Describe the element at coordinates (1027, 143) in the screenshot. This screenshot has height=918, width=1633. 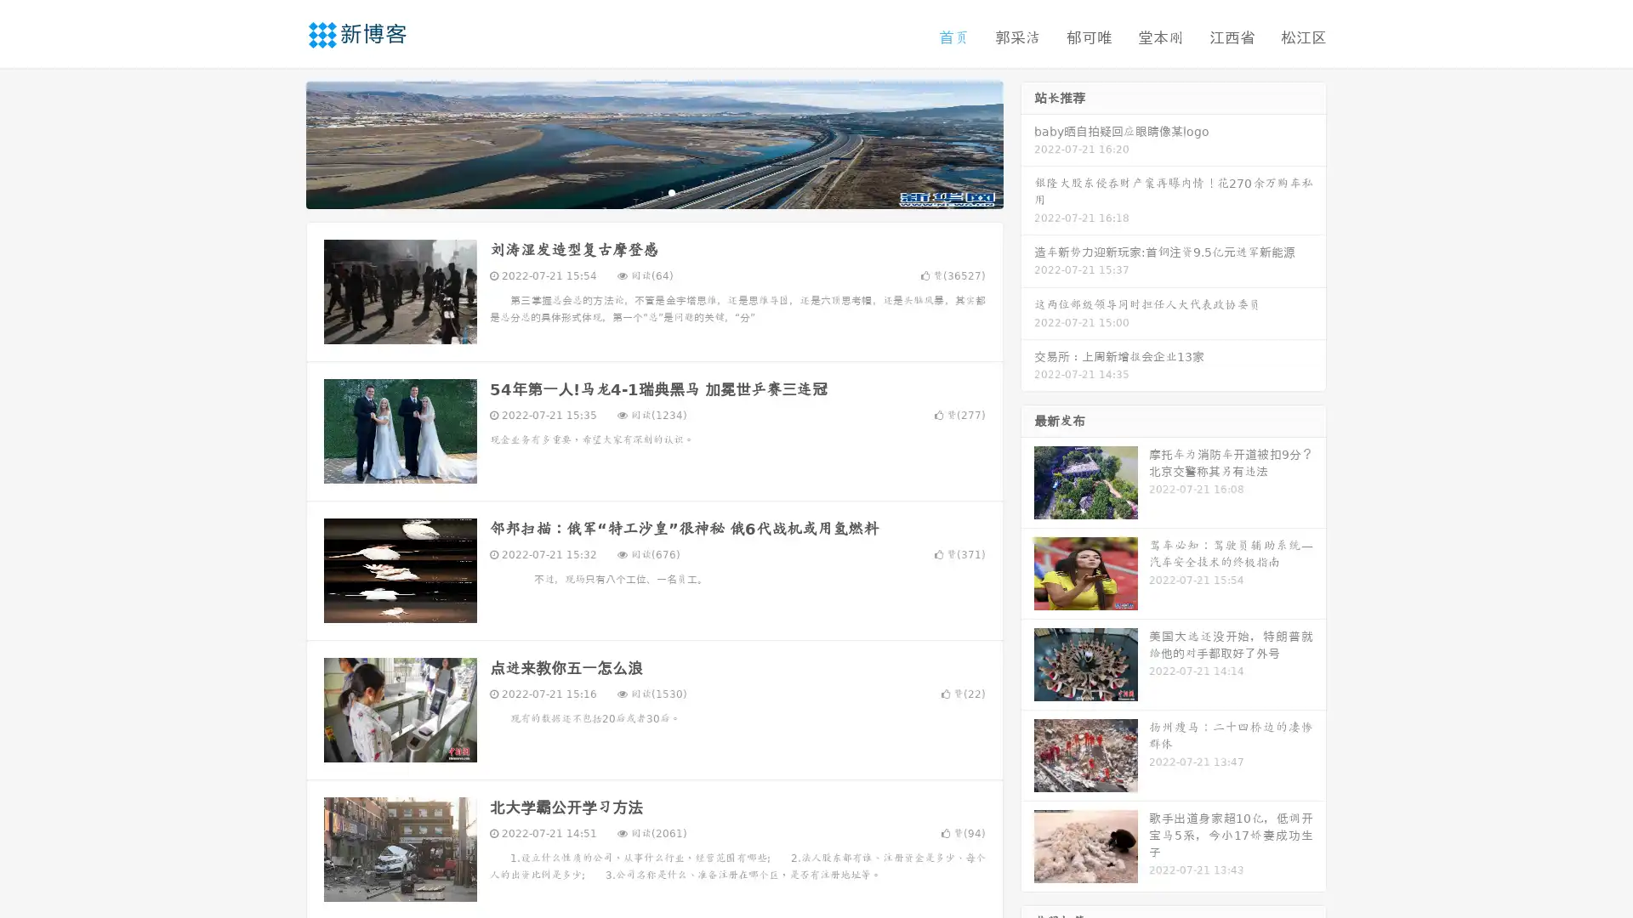
I see `Next slide` at that location.